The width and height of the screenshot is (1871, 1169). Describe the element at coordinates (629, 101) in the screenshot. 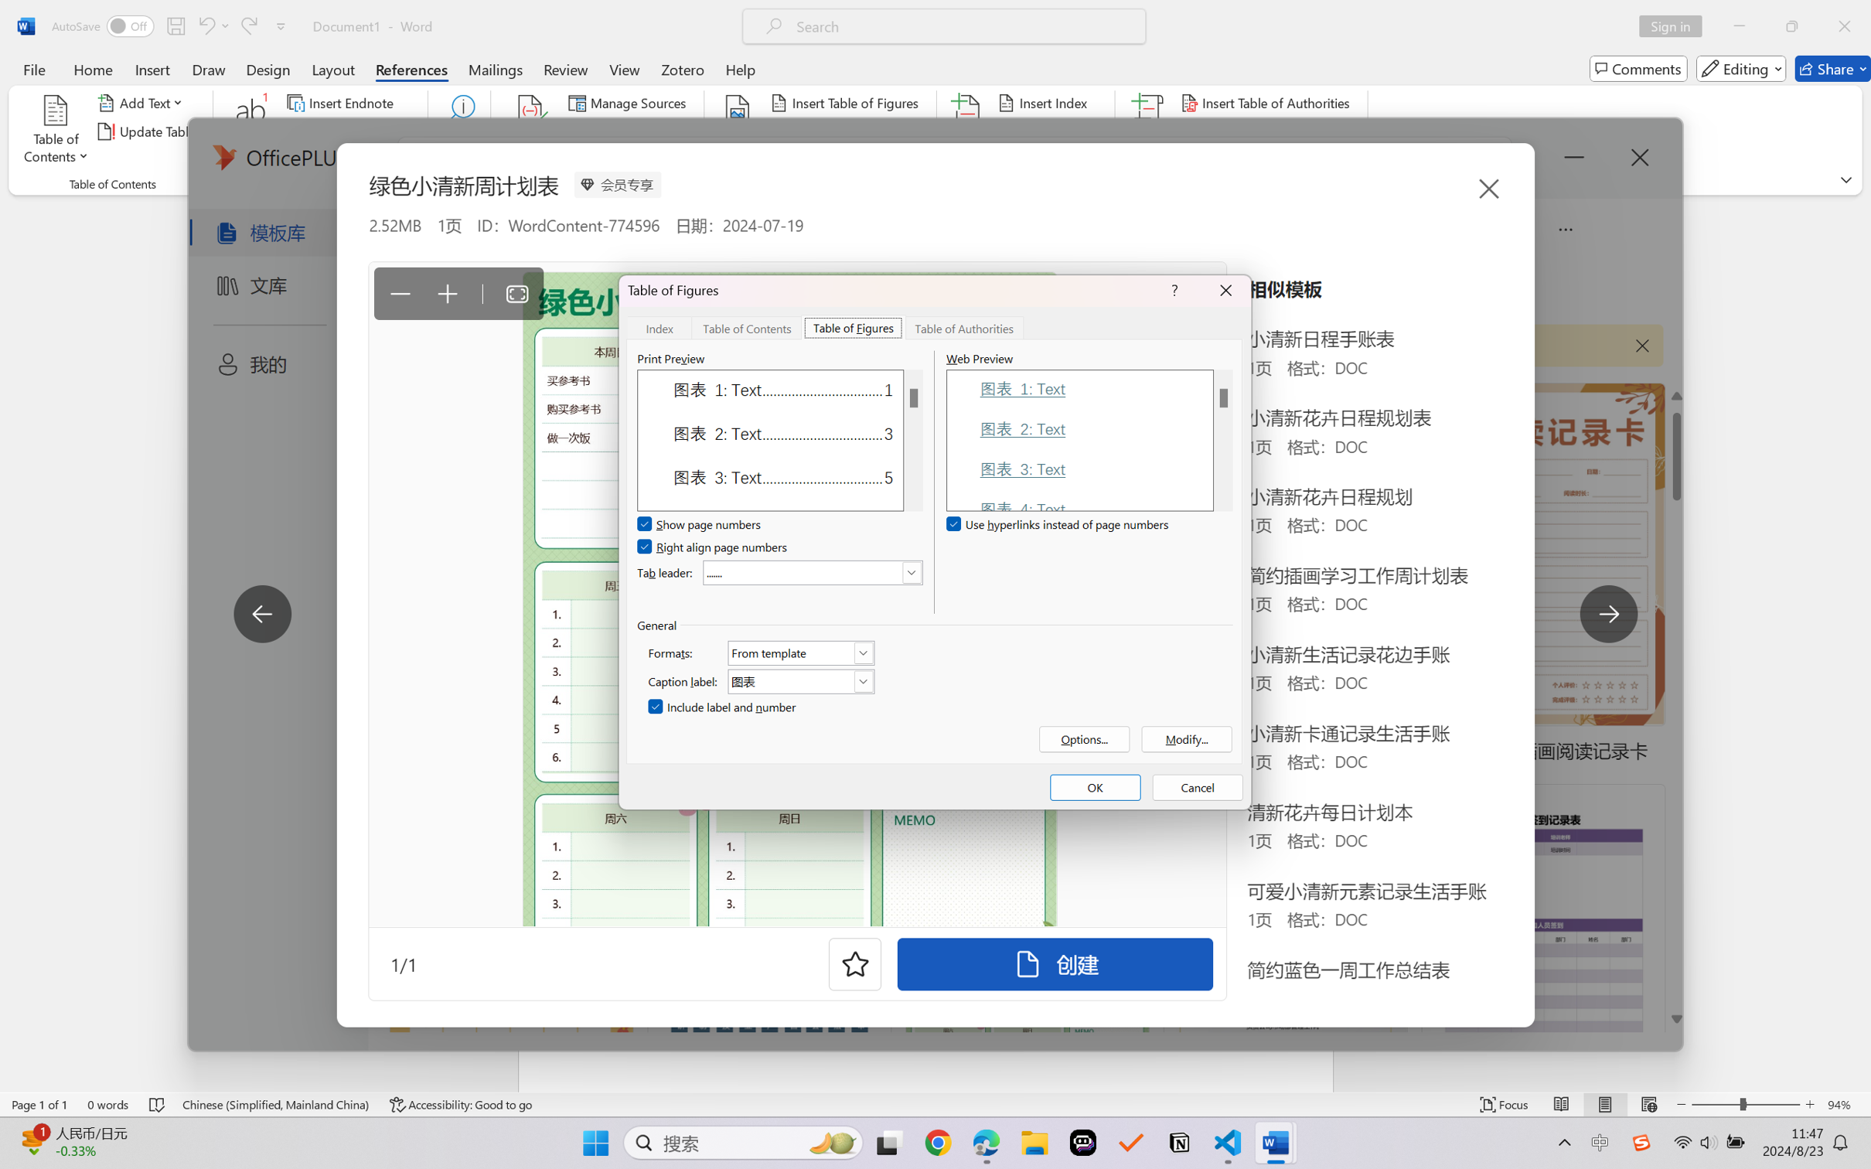

I see `'Manage Sources...'` at that location.